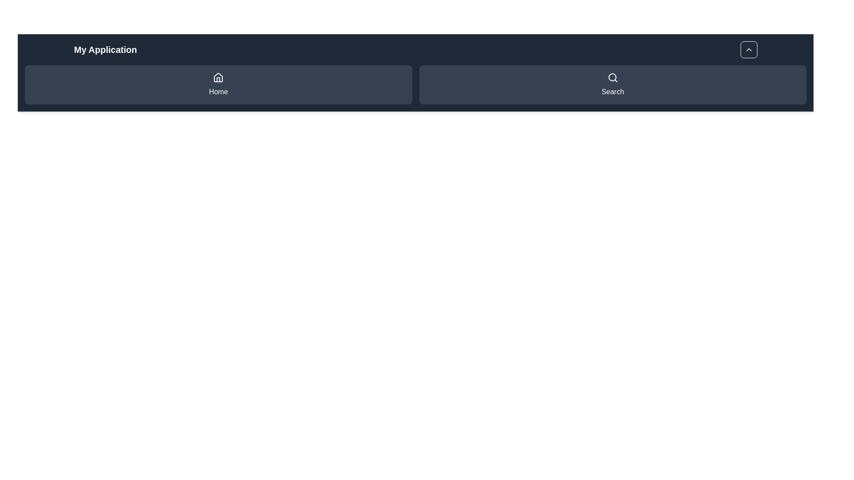 The image size is (854, 480). I want to click on the search icon located centrally within the 'Search' section of the top navigation bar, so click(612, 77).